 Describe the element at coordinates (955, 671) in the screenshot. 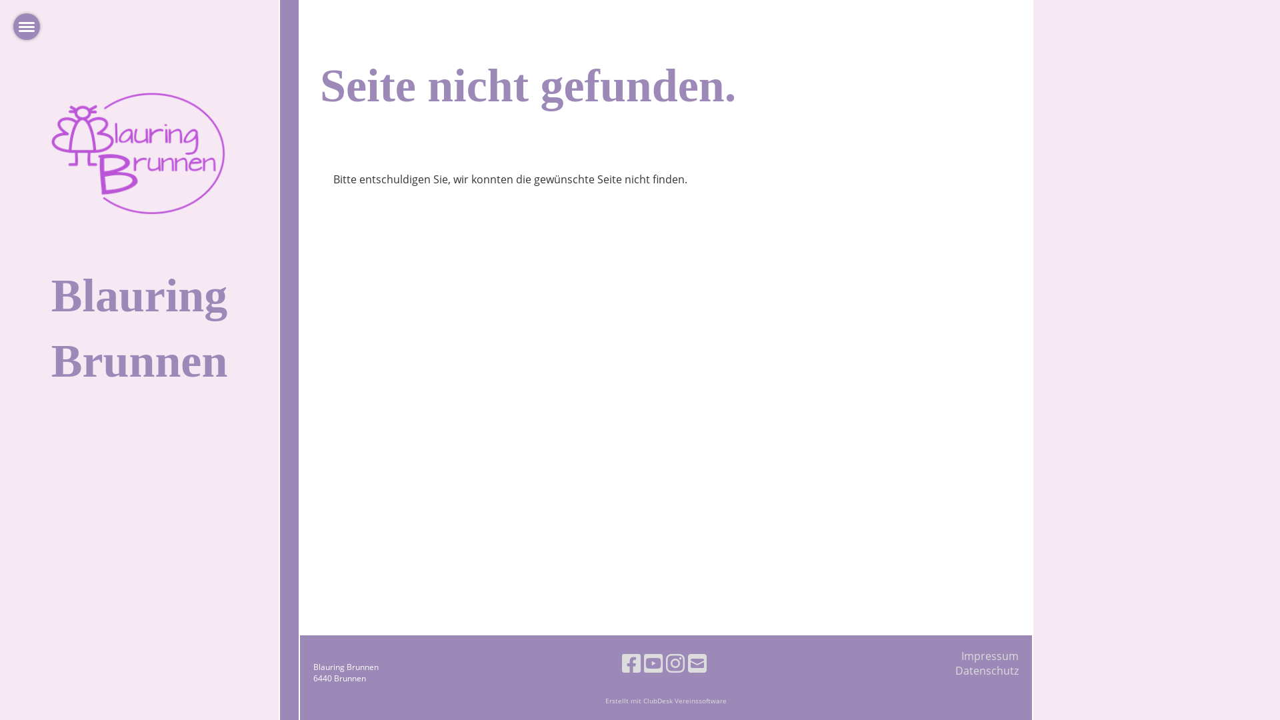

I see `'Datenschutz'` at that location.